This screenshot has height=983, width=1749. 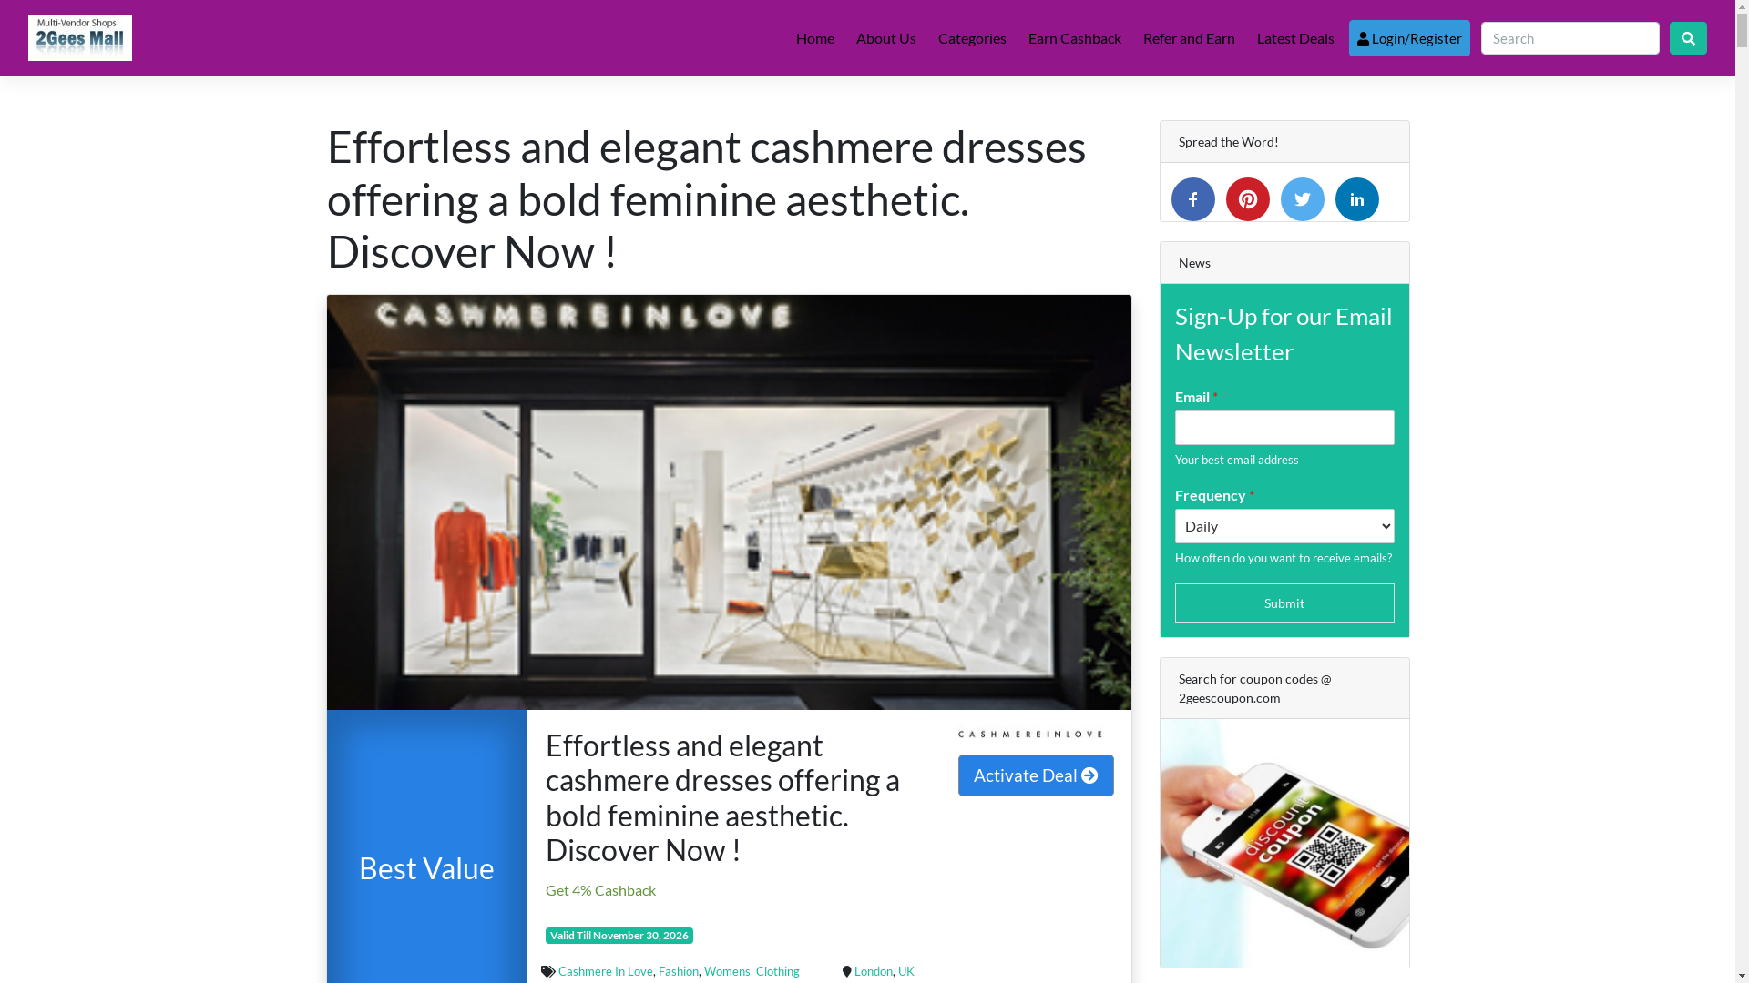 I want to click on 'Womens' Clothing', so click(x=752, y=970).